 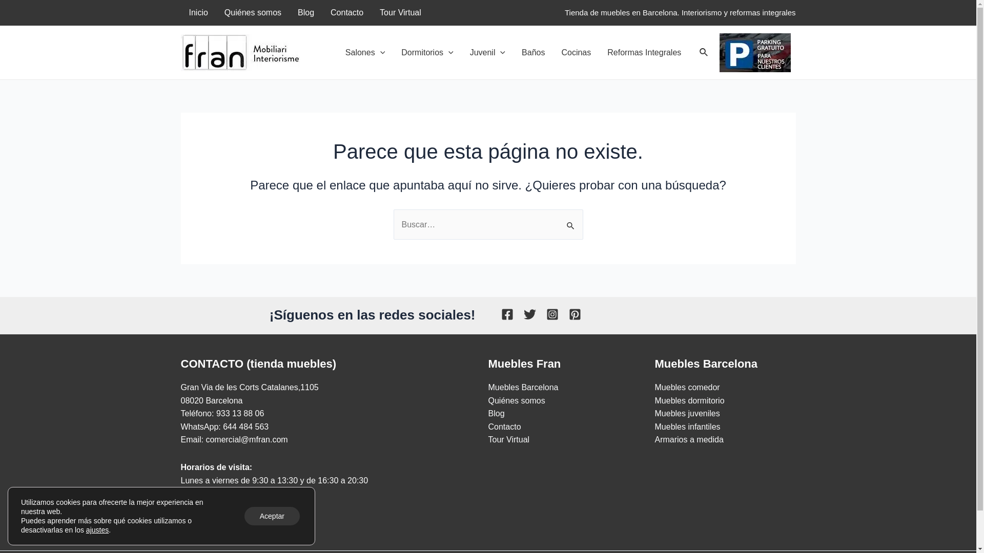 What do you see at coordinates (346, 12) in the screenshot?
I see `'Contacto'` at bounding box center [346, 12].